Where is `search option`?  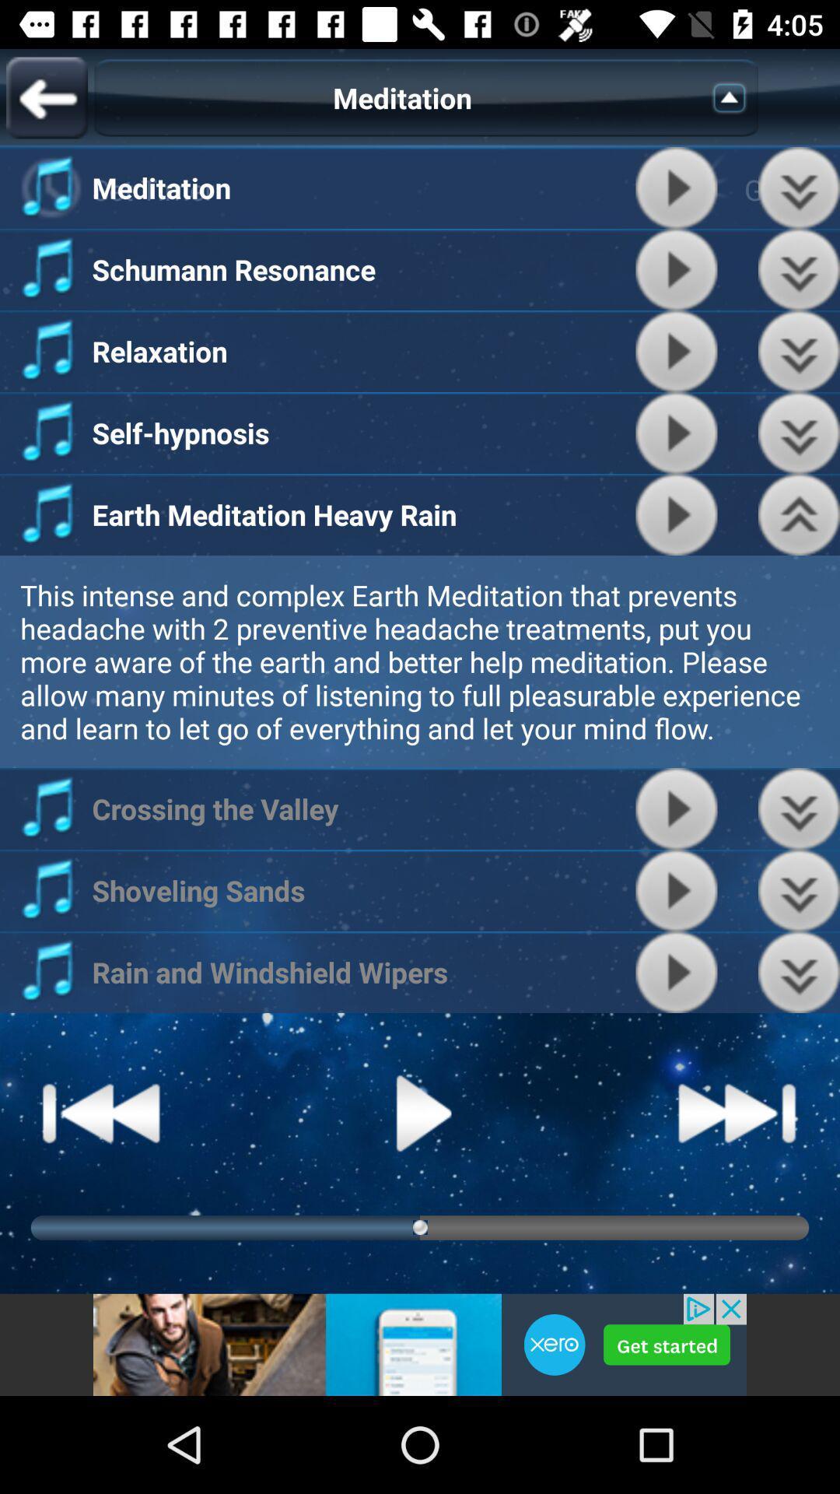
search option is located at coordinates (734, 96).